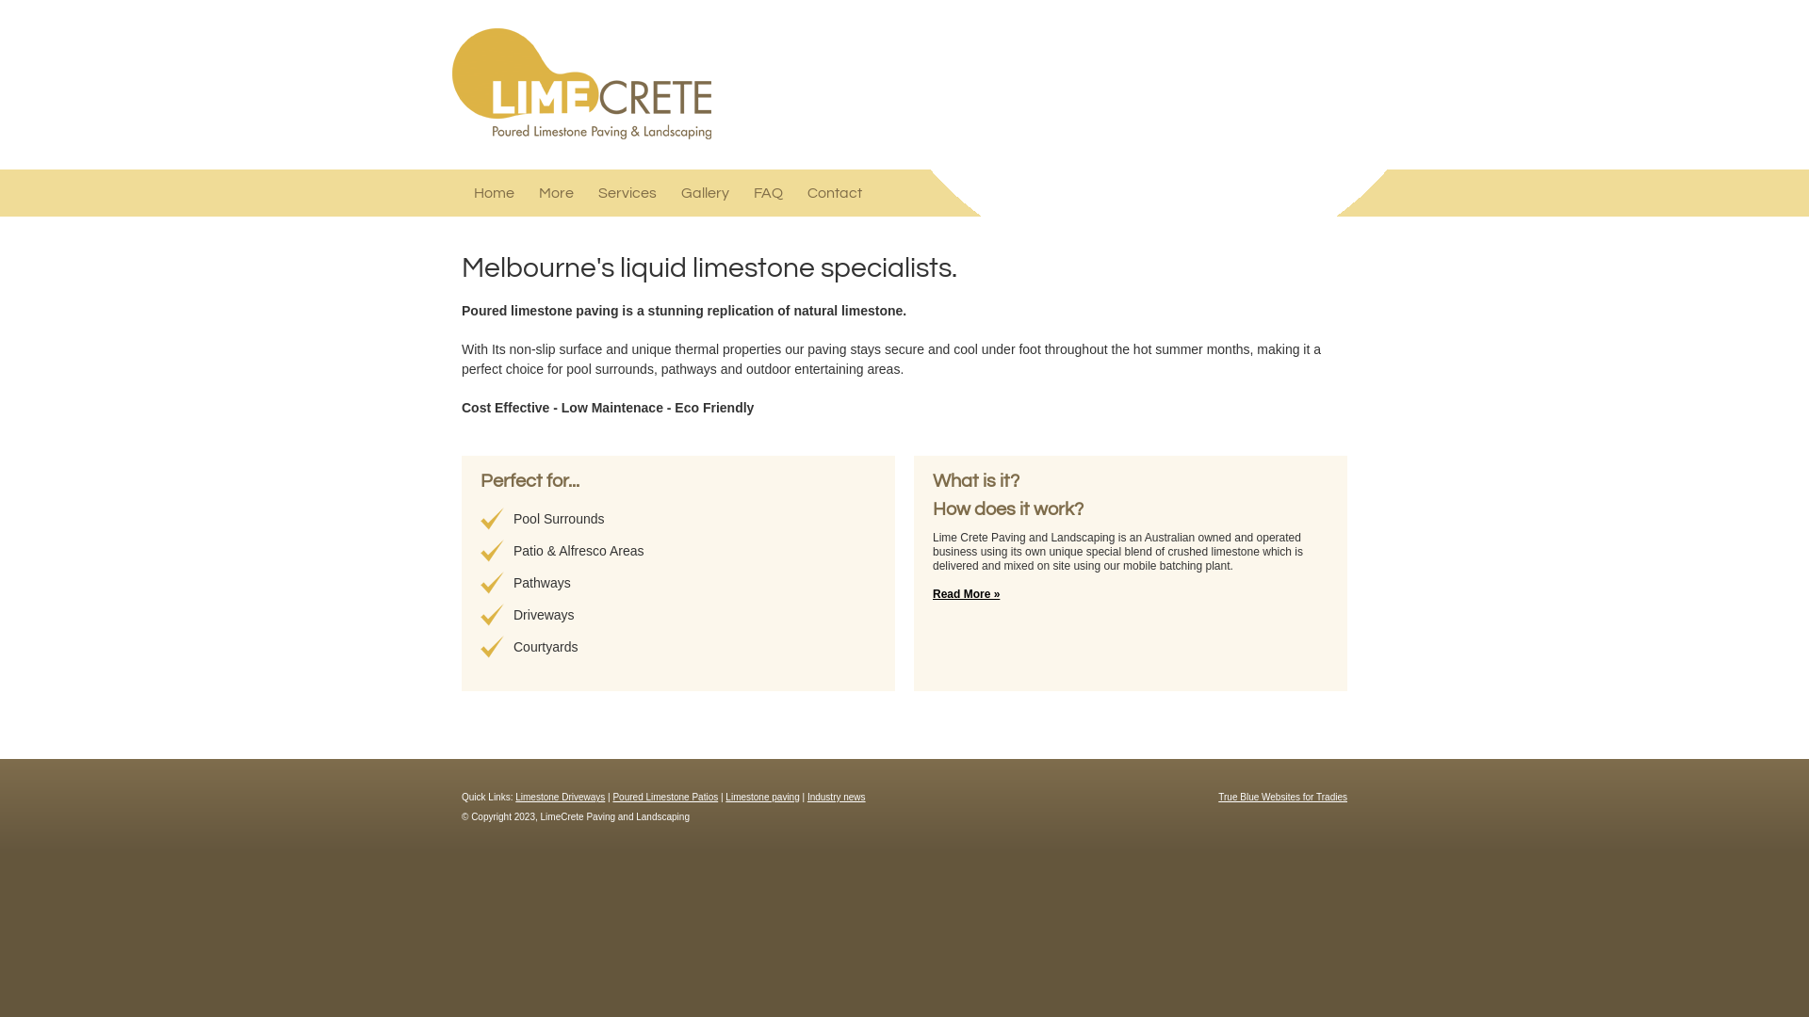 This screenshot has width=1809, height=1017. Describe the element at coordinates (555, 192) in the screenshot. I see `'More'` at that location.